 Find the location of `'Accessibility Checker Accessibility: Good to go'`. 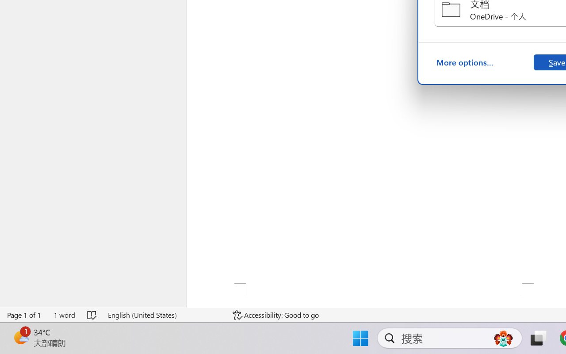

'Accessibility Checker Accessibility: Good to go' is located at coordinates (275, 315).